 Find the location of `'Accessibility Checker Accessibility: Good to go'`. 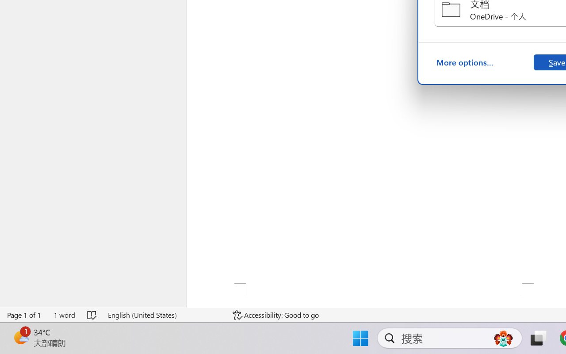

'Accessibility Checker Accessibility: Good to go' is located at coordinates (275, 315).